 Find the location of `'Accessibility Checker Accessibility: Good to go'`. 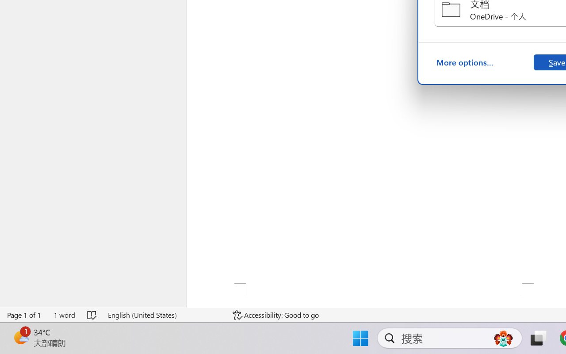

'Accessibility Checker Accessibility: Good to go' is located at coordinates (275, 315).